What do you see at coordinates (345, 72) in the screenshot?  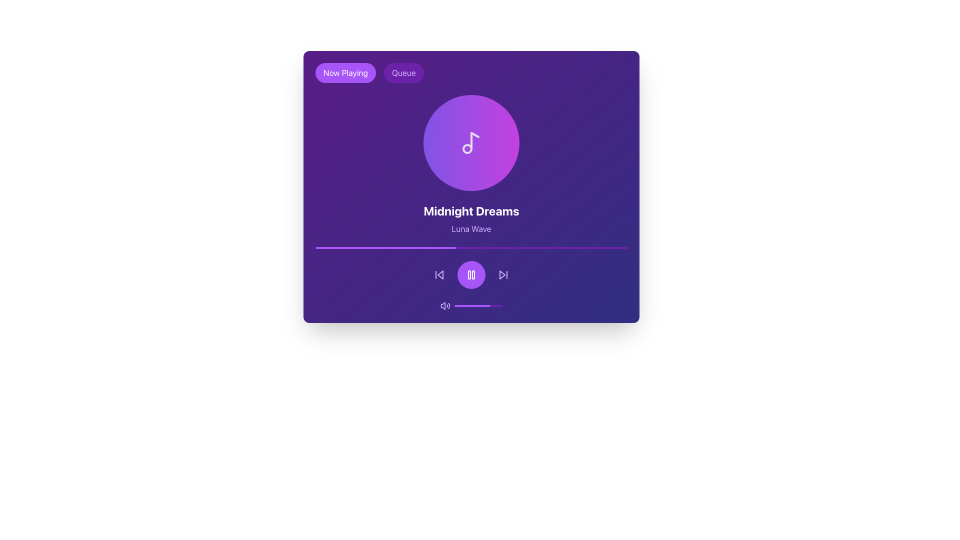 I see `the purple 'Now Playing' button with rounded corners` at bounding box center [345, 72].